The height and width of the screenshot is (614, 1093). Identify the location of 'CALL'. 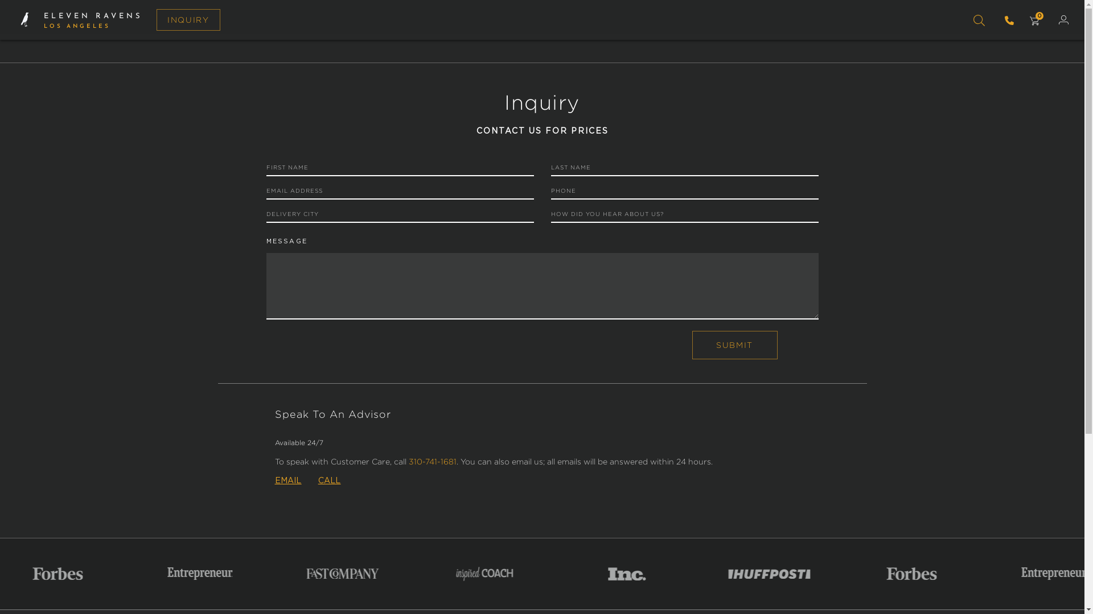
(318, 480).